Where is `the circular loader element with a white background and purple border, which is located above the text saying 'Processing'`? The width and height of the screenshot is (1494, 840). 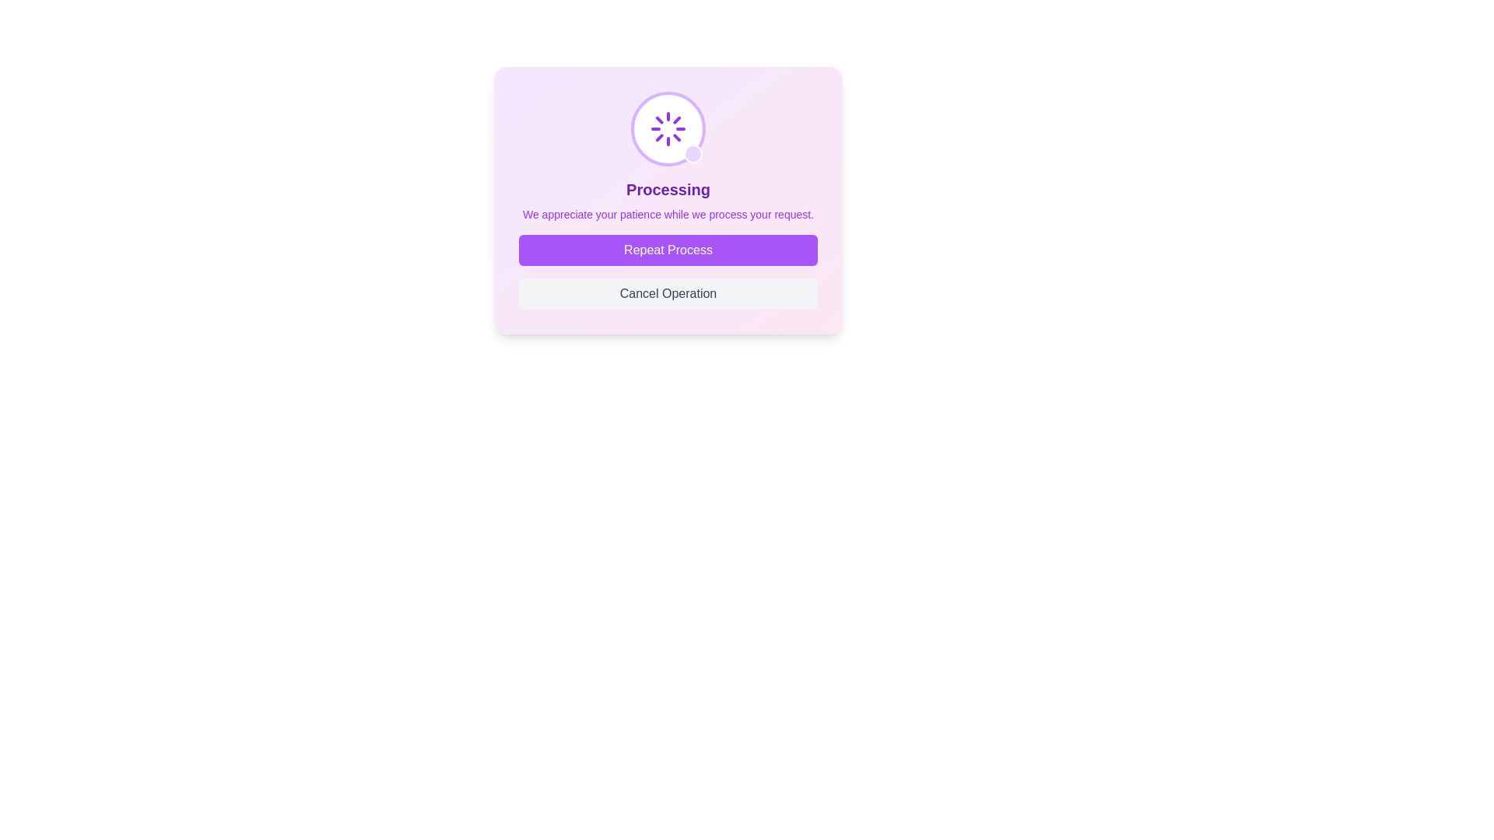 the circular loader element with a white background and purple border, which is located above the text saying 'Processing' is located at coordinates (668, 128).